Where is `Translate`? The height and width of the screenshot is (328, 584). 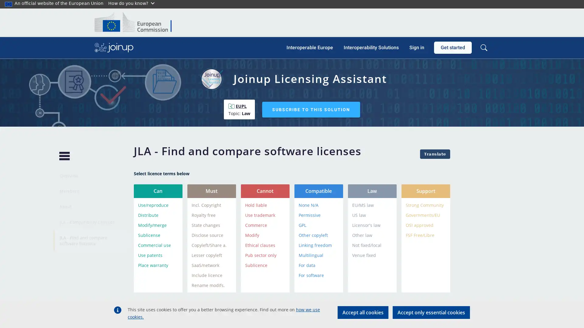 Translate is located at coordinates (435, 153).